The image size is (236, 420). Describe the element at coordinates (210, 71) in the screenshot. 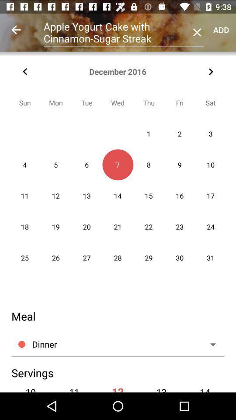

I see `the arrow_forward icon` at that location.